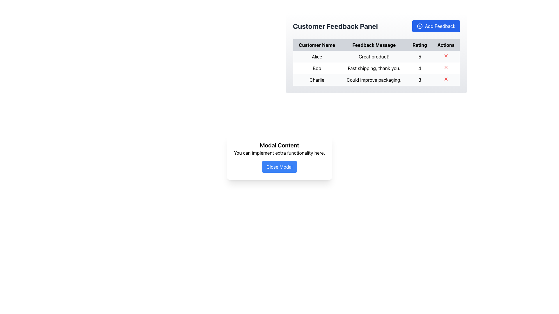 This screenshot has width=559, height=314. What do you see at coordinates (374, 57) in the screenshot?
I see `the table cell displaying user feedback in the second column of the first row, located under the 'Feedback Message' column, to the right of 'Customer Name' ('Alice') and to the left of 'Rating' ('5')` at bounding box center [374, 57].